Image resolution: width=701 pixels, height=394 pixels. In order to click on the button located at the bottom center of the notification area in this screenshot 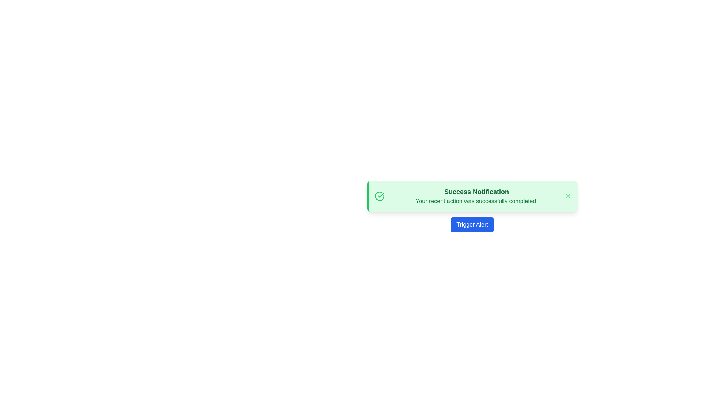, I will do `click(472, 224)`.